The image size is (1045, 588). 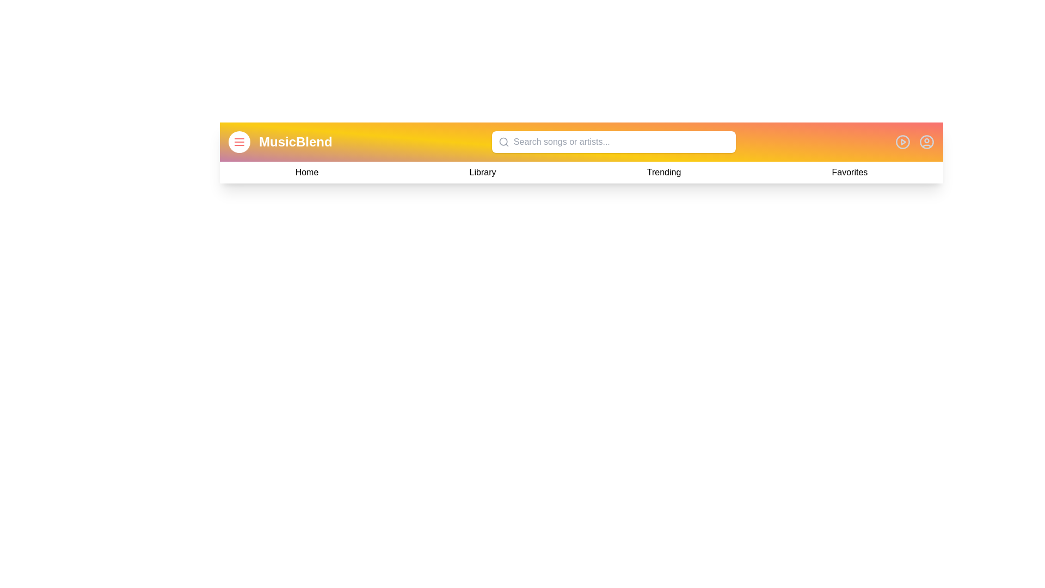 What do you see at coordinates (306, 171) in the screenshot?
I see `the 'Home' button in the navigation bar` at bounding box center [306, 171].